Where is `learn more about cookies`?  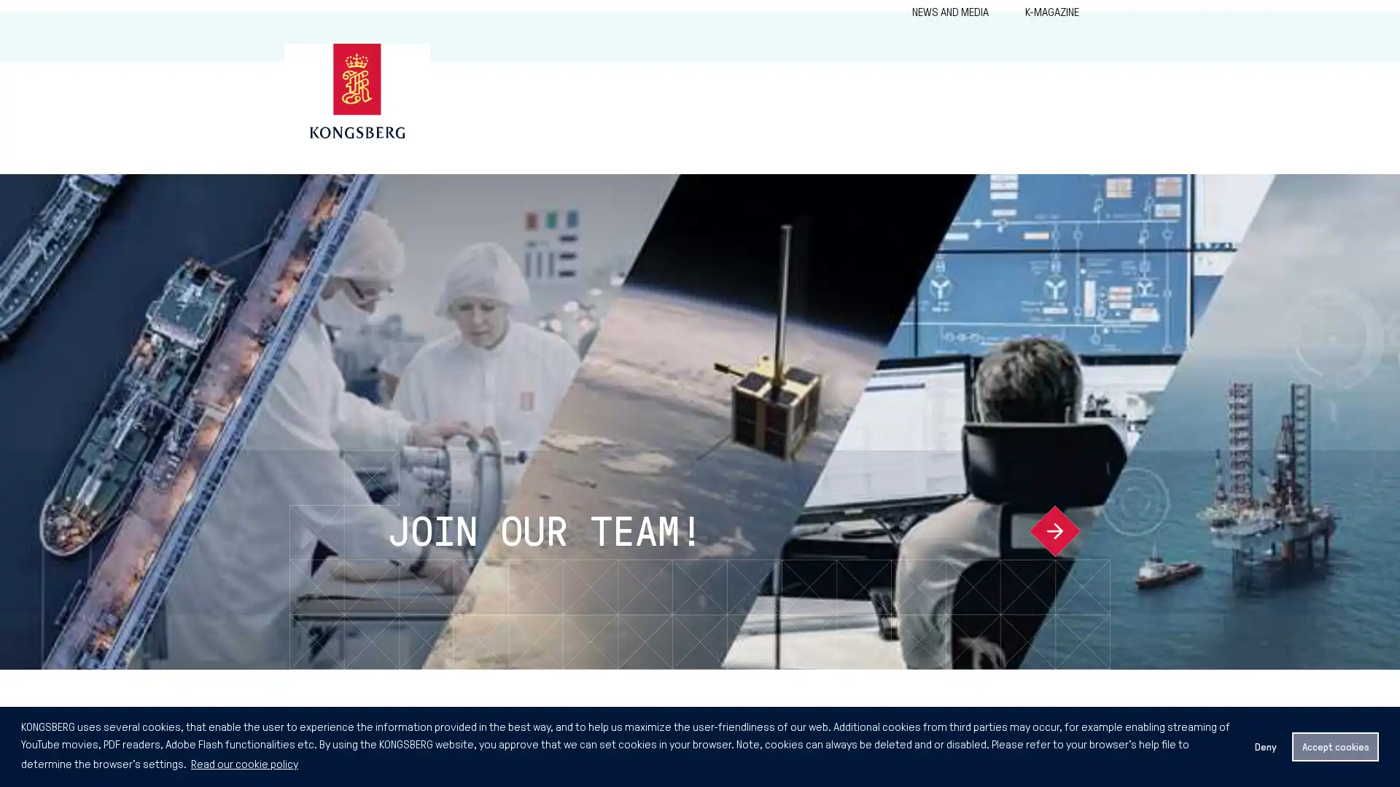 learn more about cookies is located at coordinates (244, 763).